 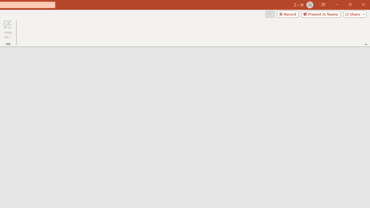 What do you see at coordinates (353, 14) in the screenshot?
I see `'Share'` at bounding box center [353, 14].